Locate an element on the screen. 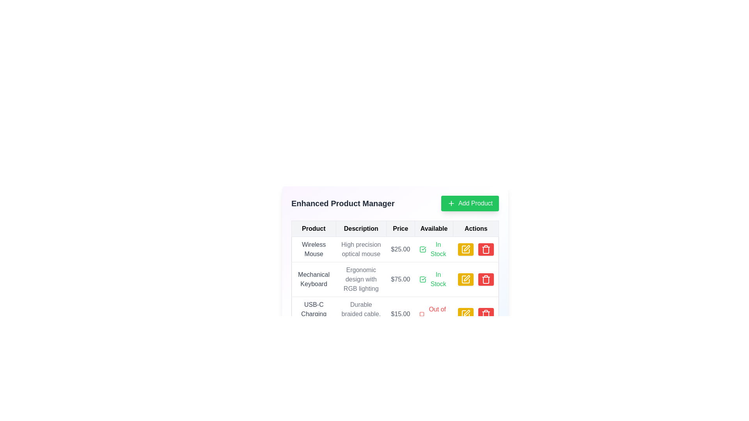  the delete icon button located in the 'Actions' column of the last row in the table is located at coordinates (485, 249).